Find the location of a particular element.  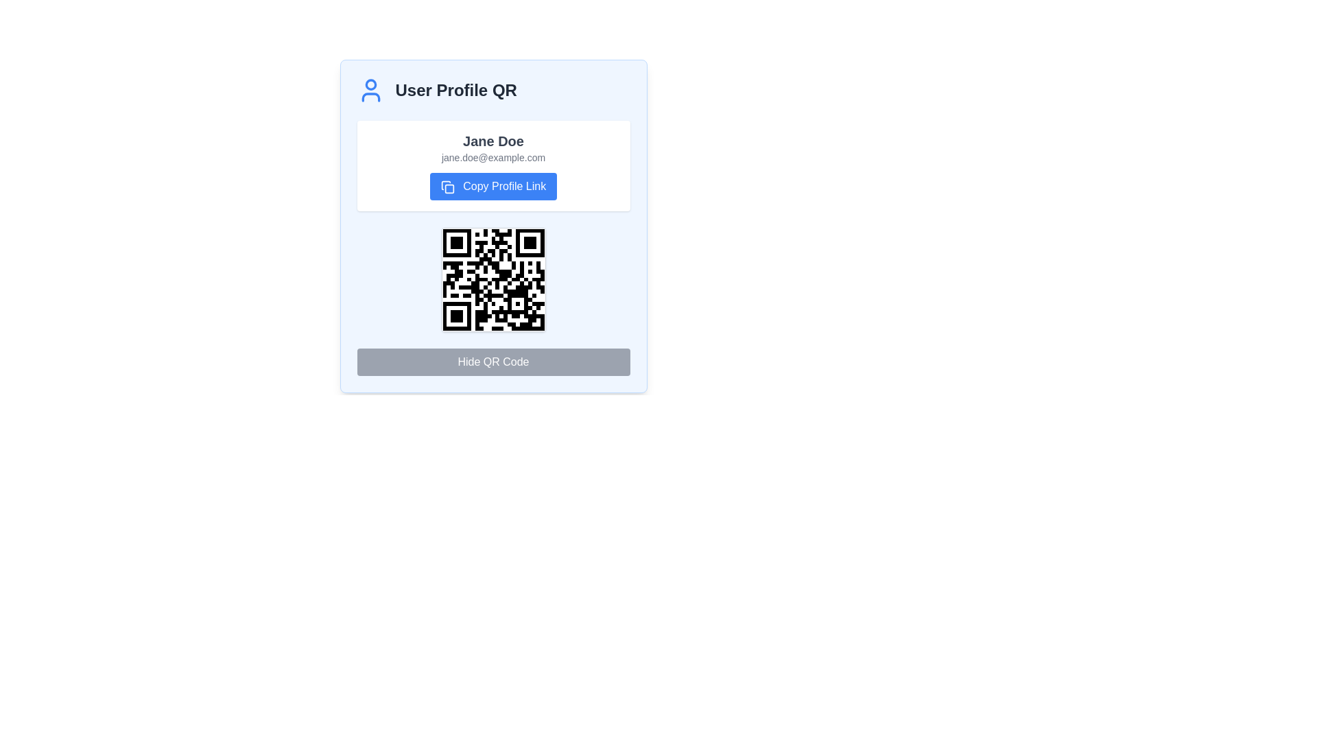

the small rectangular SVG element with rounded corners located within the 'Copy Profile Link' button, positioned in the top-left area of the button is located at coordinates (449, 189).